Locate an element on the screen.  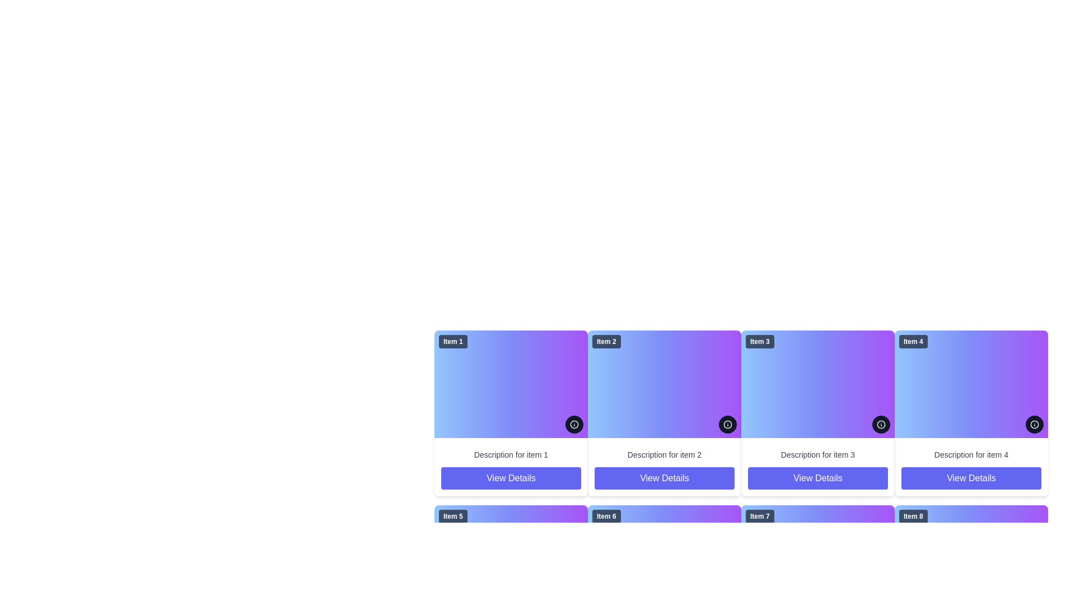
the circular information icon located at the bottom right corner of the card for 'Item 2', which is styled with a dark gray background and white text is located at coordinates (574, 425).